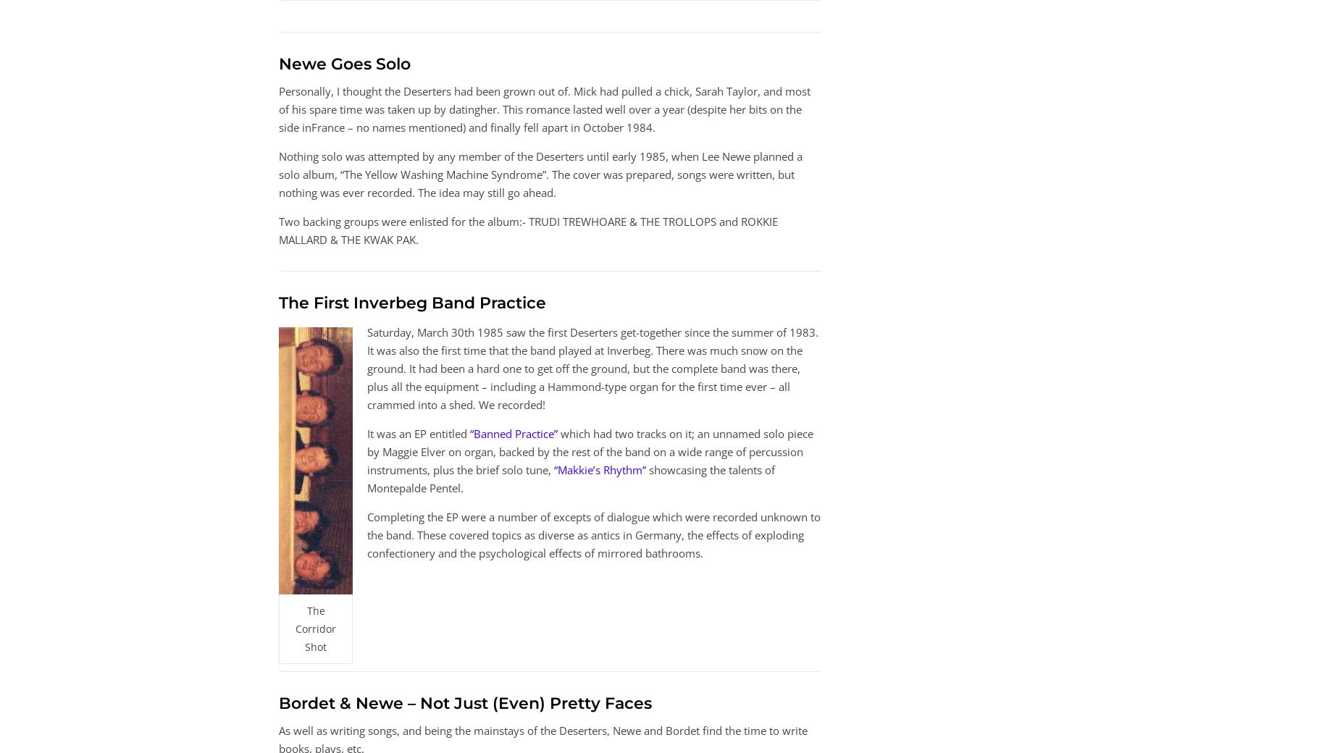 The image size is (1340, 753). Describe the element at coordinates (545, 108) in the screenshot. I see `'Personally, I thought the Deserters had been grown out of. Mick had pulled a chick, Sarah Taylor, and most of his spare time was taken up by datingher. This romance lasted well over a year (despite her bits on the side inFrance – no names mentioned) and finally fell apart in October 1984.'` at that location.